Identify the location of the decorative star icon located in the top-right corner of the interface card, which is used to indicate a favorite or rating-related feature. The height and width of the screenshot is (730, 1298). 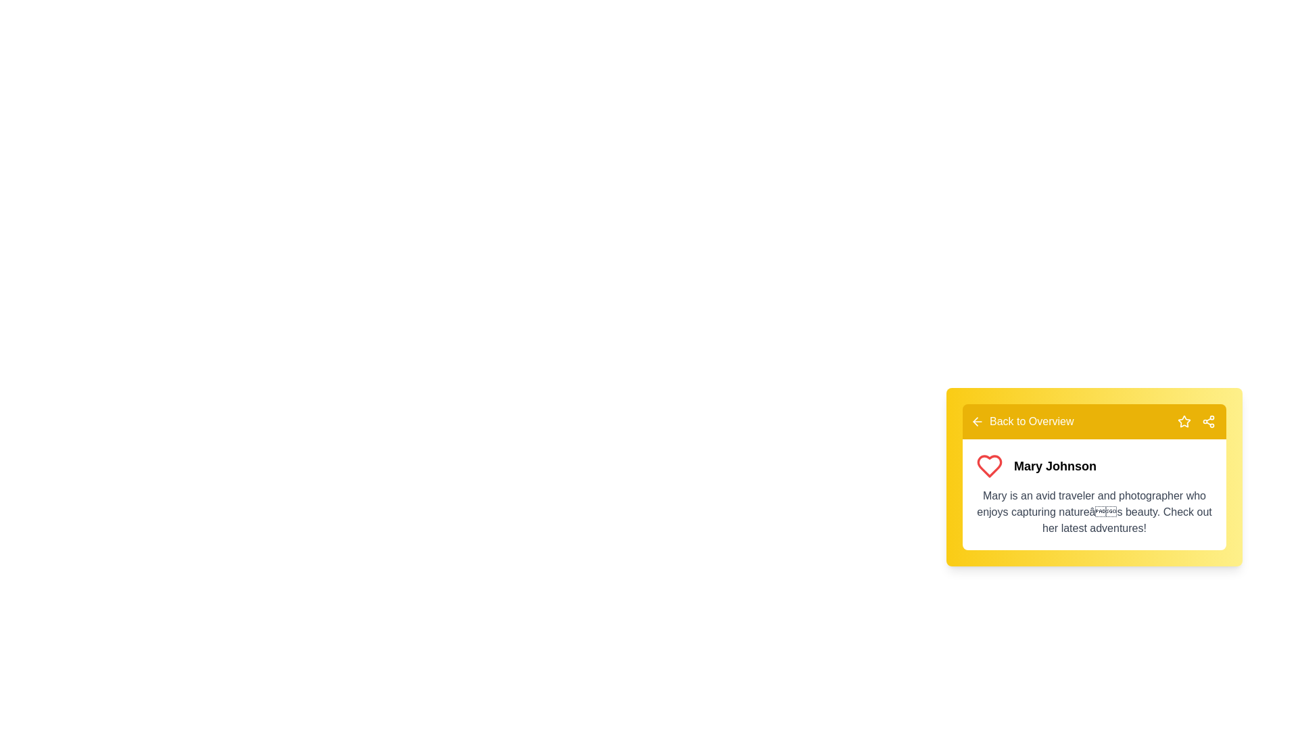
(1184, 420).